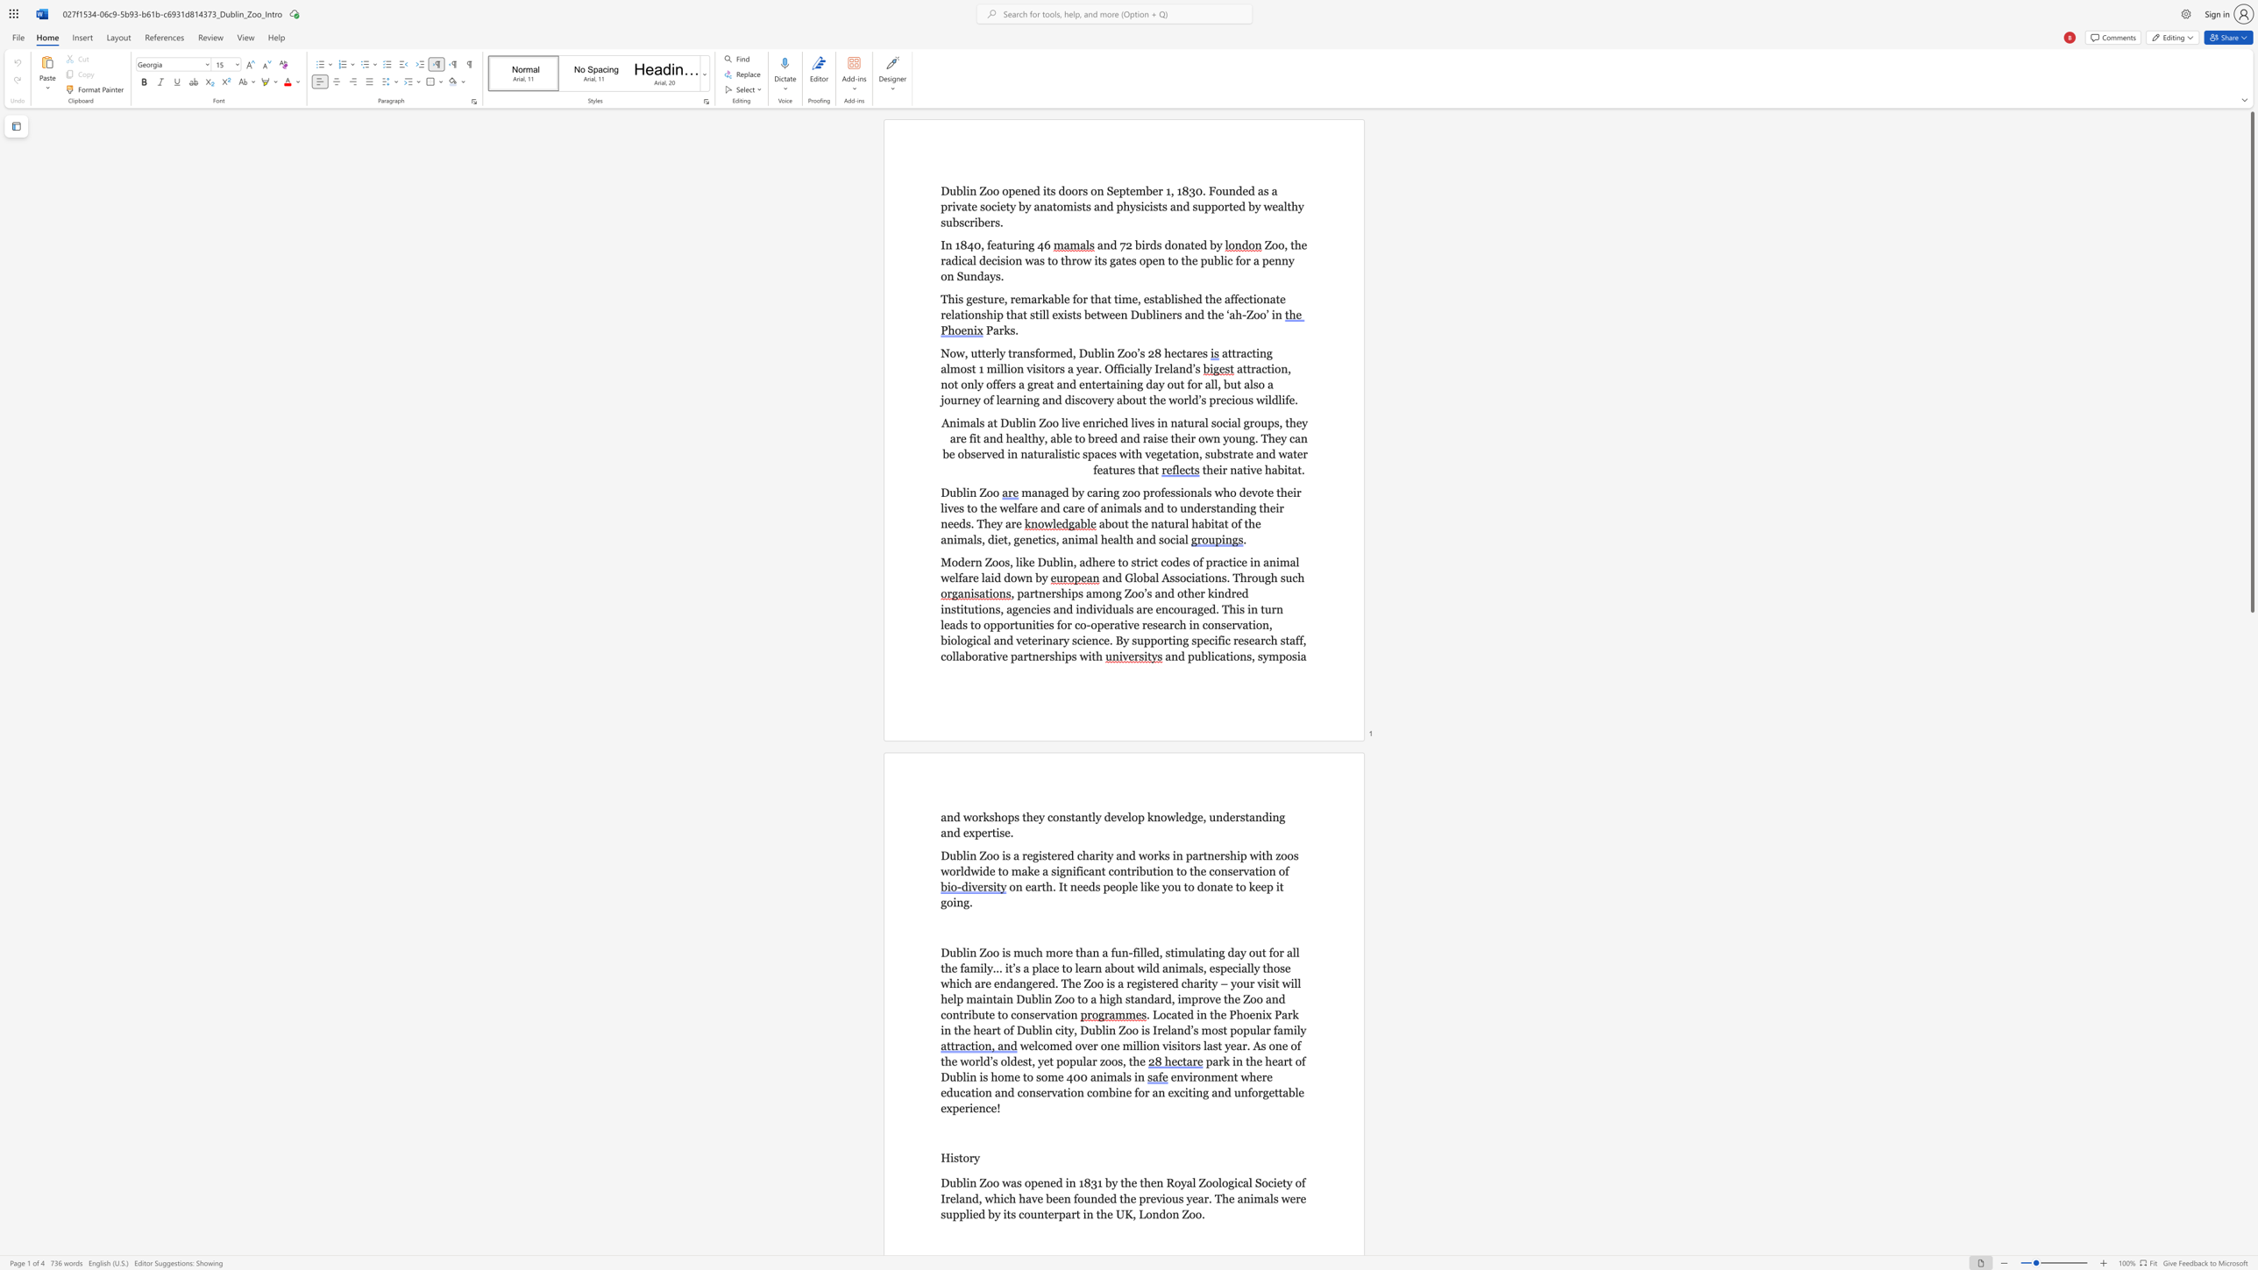 The width and height of the screenshot is (2258, 1270). Describe the element at coordinates (1095, 561) in the screenshot. I see `the 1th character "h" in the text` at that location.